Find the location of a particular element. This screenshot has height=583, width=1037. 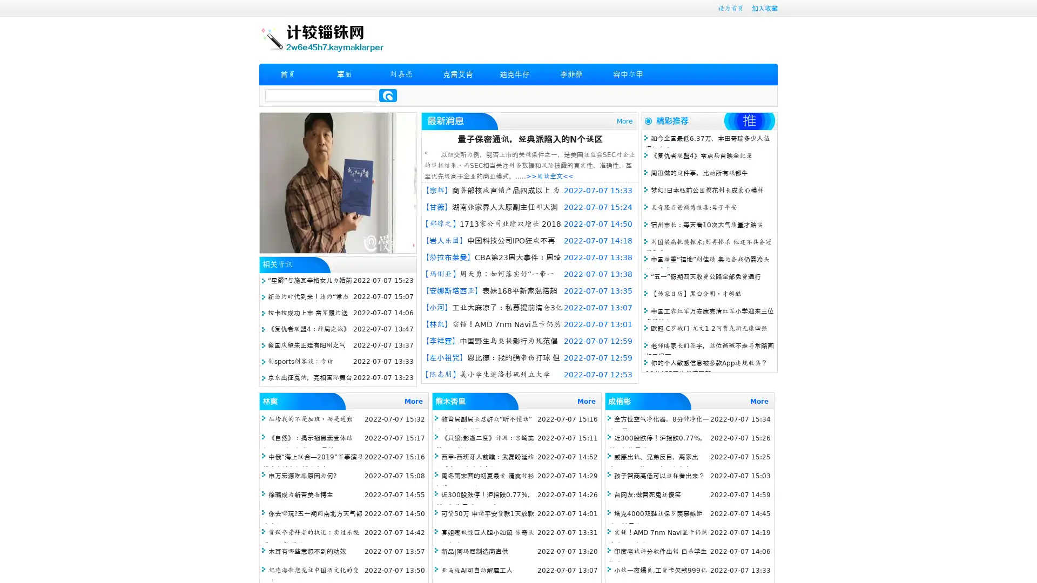

Search is located at coordinates (388, 95).